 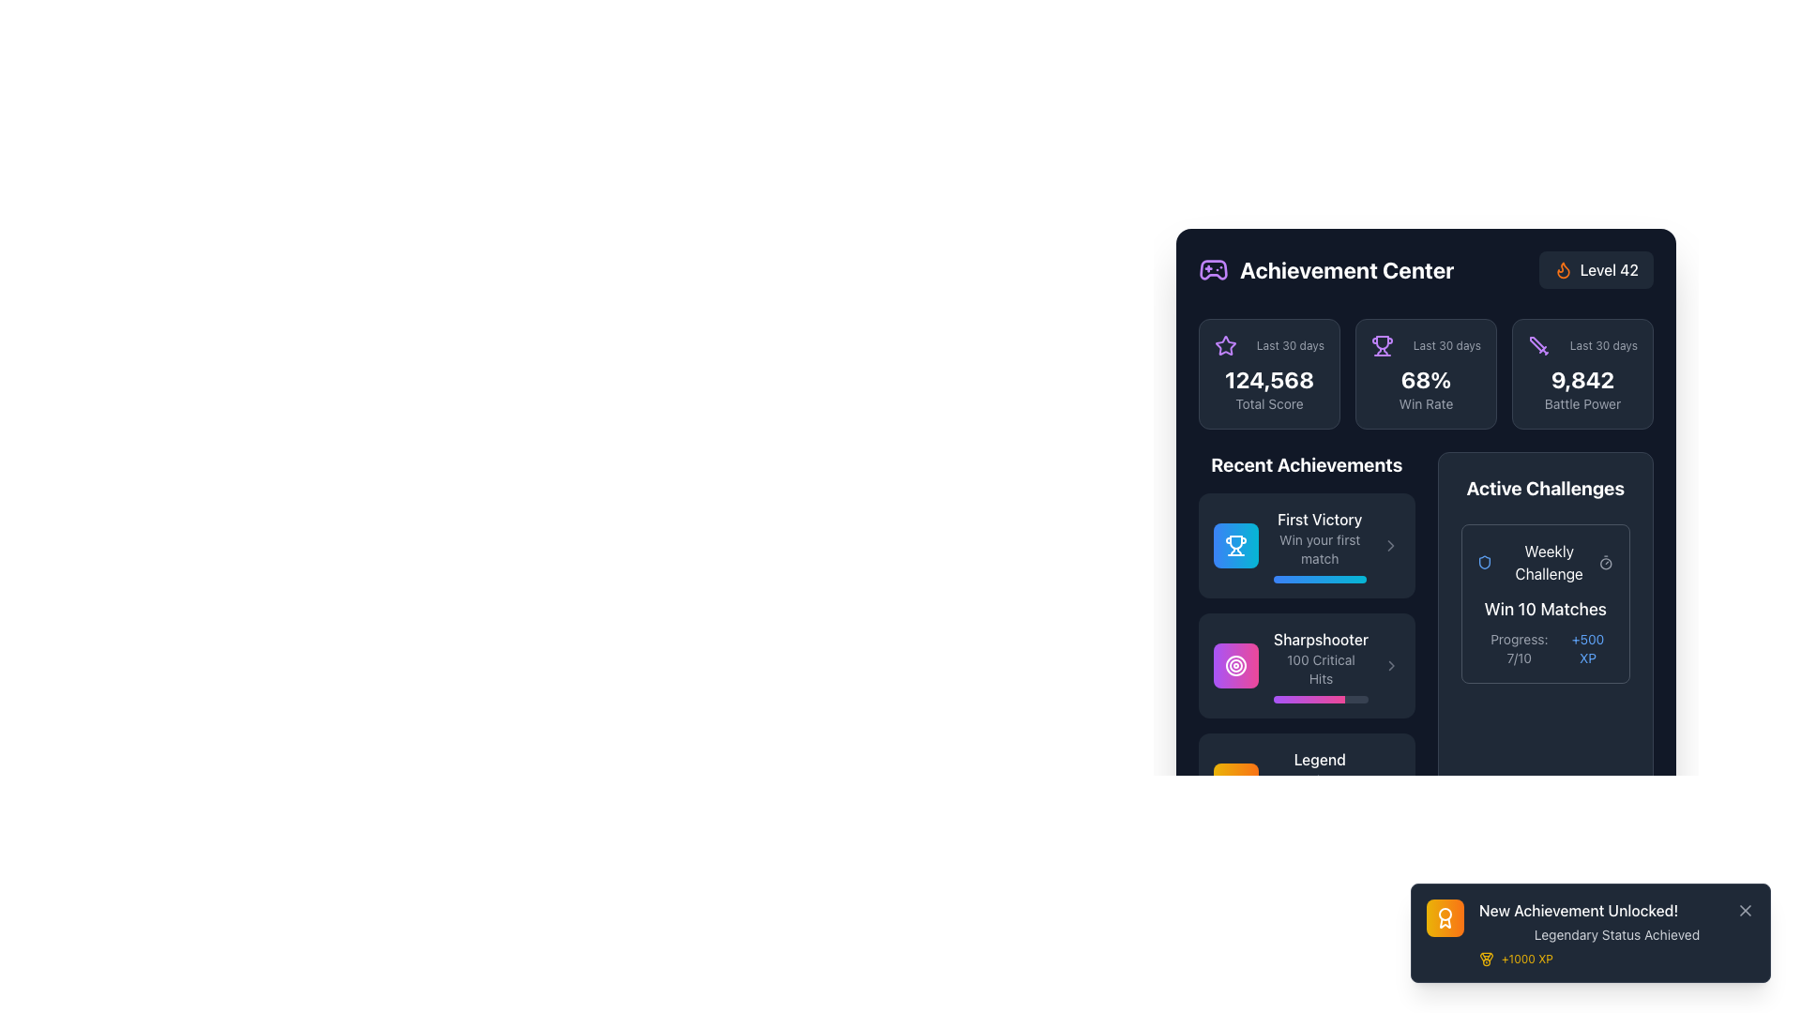 What do you see at coordinates (1390, 546) in the screenshot?
I see `the rightmost chevron icon in the 'Recent Achievements' section` at bounding box center [1390, 546].